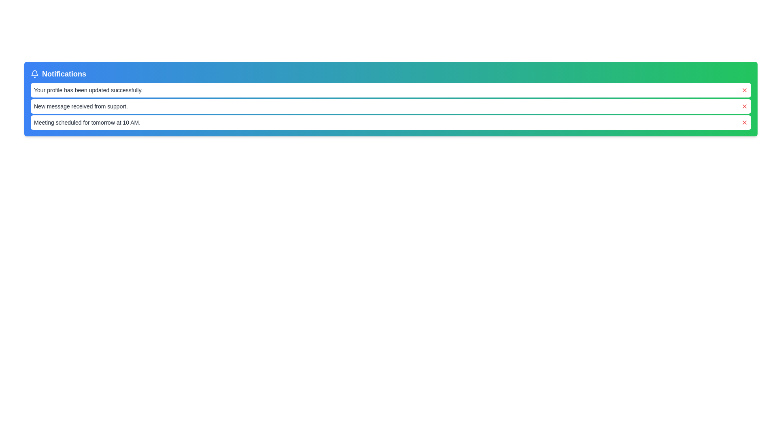 The image size is (777, 437). I want to click on the static text element displaying the message 'Your profile has been updated successfully.' which is part of the notification interface, so click(88, 90).